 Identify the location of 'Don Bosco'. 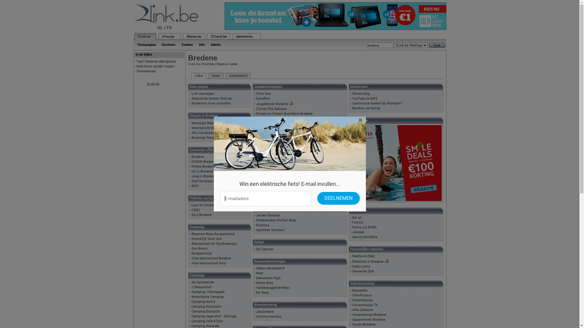
(200, 248).